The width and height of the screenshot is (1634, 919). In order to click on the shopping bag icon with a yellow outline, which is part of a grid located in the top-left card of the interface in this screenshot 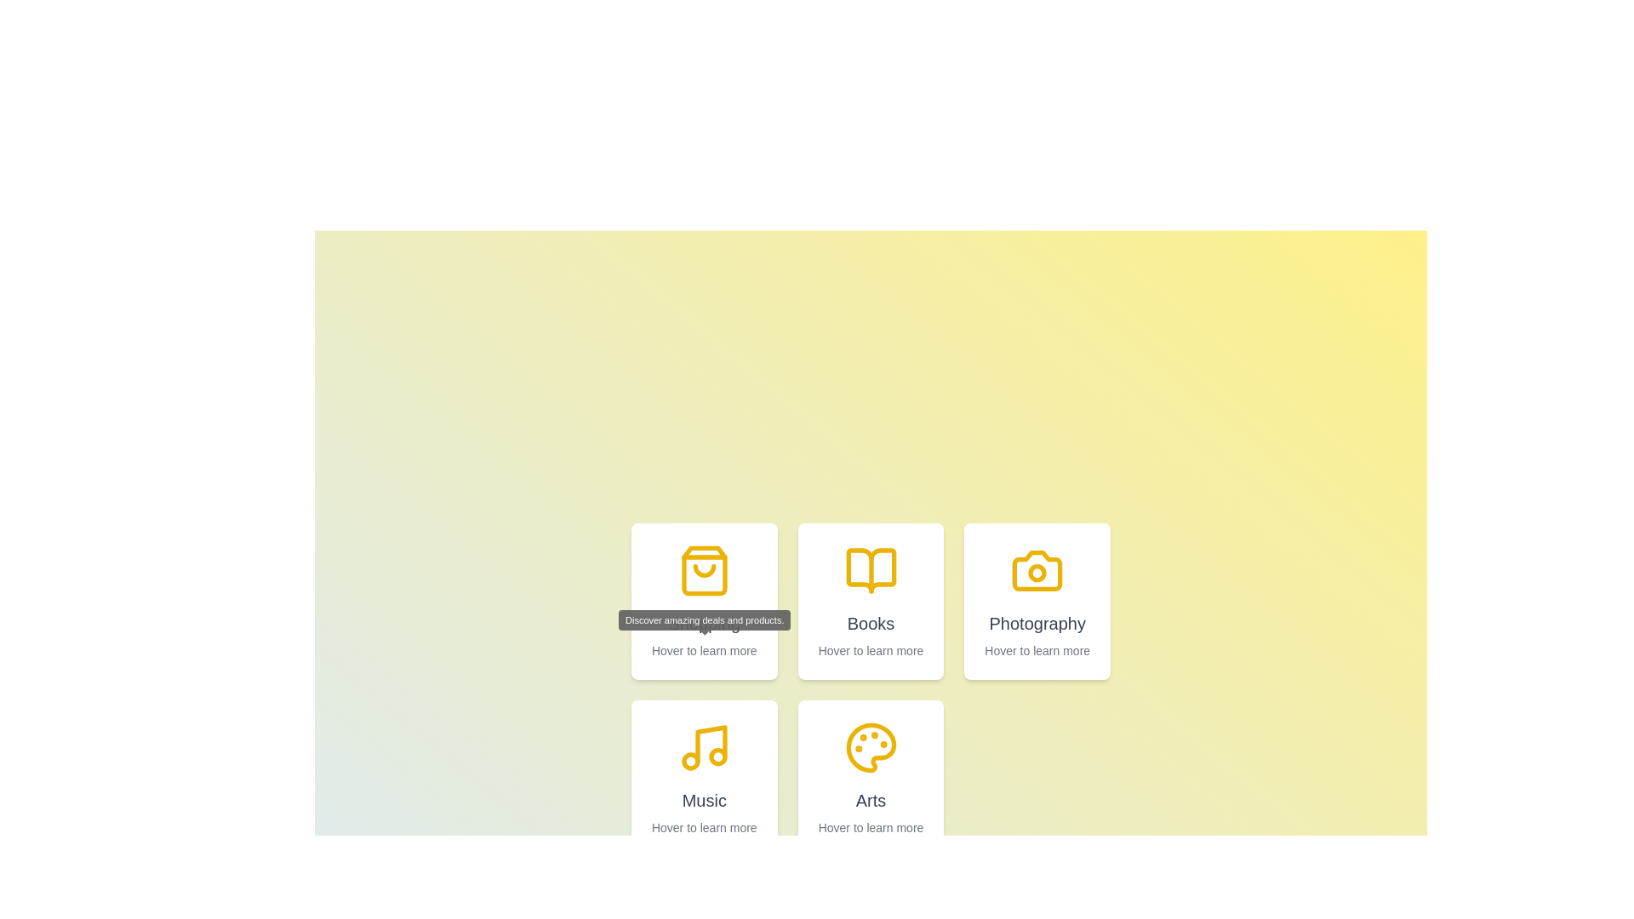, I will do `click(704, 571)`.